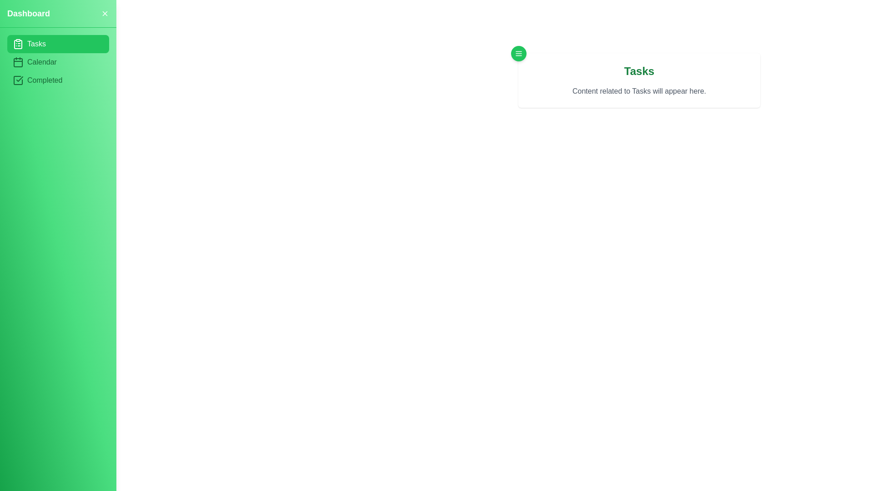 The width and height of the screenshot is (873, 491). What do you see at coordinates (58, 80) in the screenshot?
I see `the Completed section by clicking on its corresponding menu item in the sidebar` at bounding box center [58, 80].